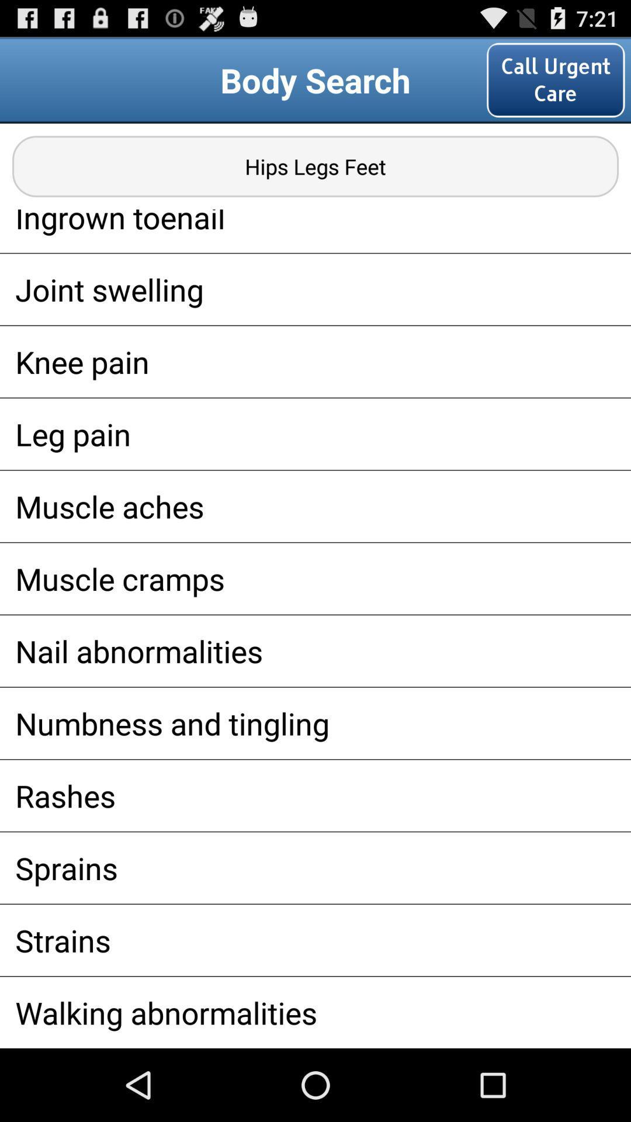 The width and height of the screenshot is (631, 1122). What do you see at coordinates (315, 868) in the screenshot?
I see `sprains` at bounding box center [315, 868].